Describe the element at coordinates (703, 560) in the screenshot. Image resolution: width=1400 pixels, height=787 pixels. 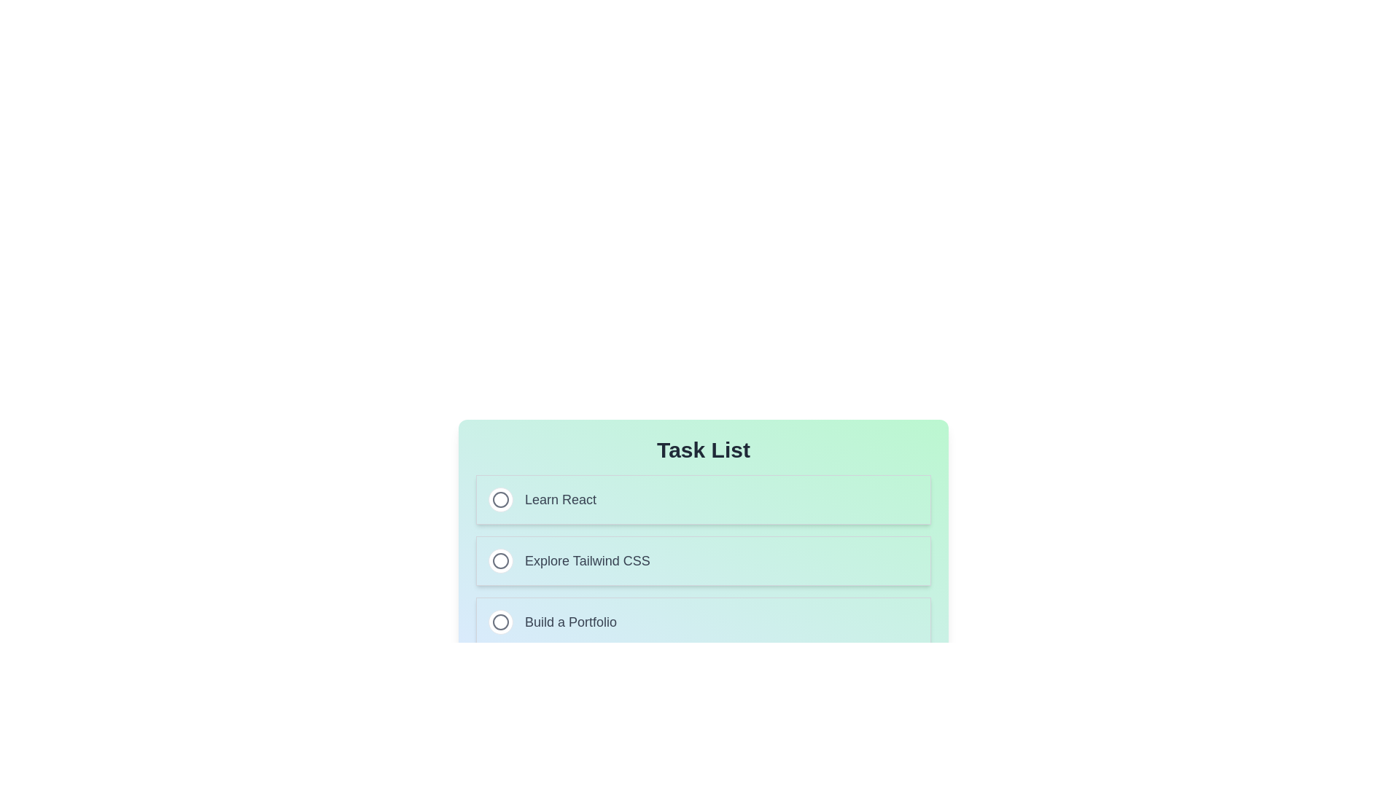
I see `the circular button on the left side of the 'Explore Tailwind CSS' selectable list item to mark the task` at that location.